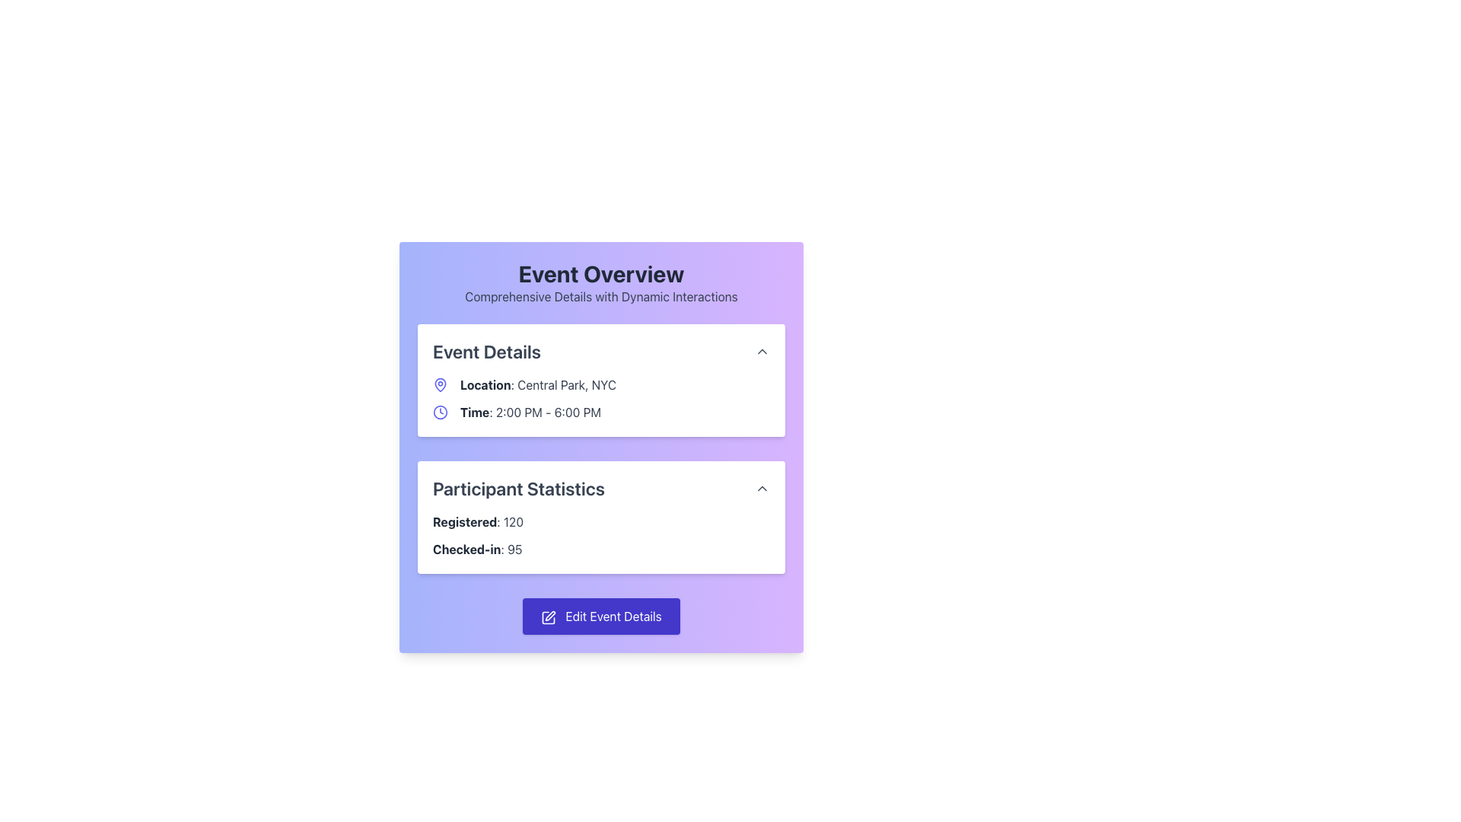 The image size is (1461, 822). What do you see at coordinates (600, 272) in the screenshot?
I see `prominent title or heading that introduces the content related to 'Event Overview', located at the top-center of the card header` at bounding box center [600, 272].